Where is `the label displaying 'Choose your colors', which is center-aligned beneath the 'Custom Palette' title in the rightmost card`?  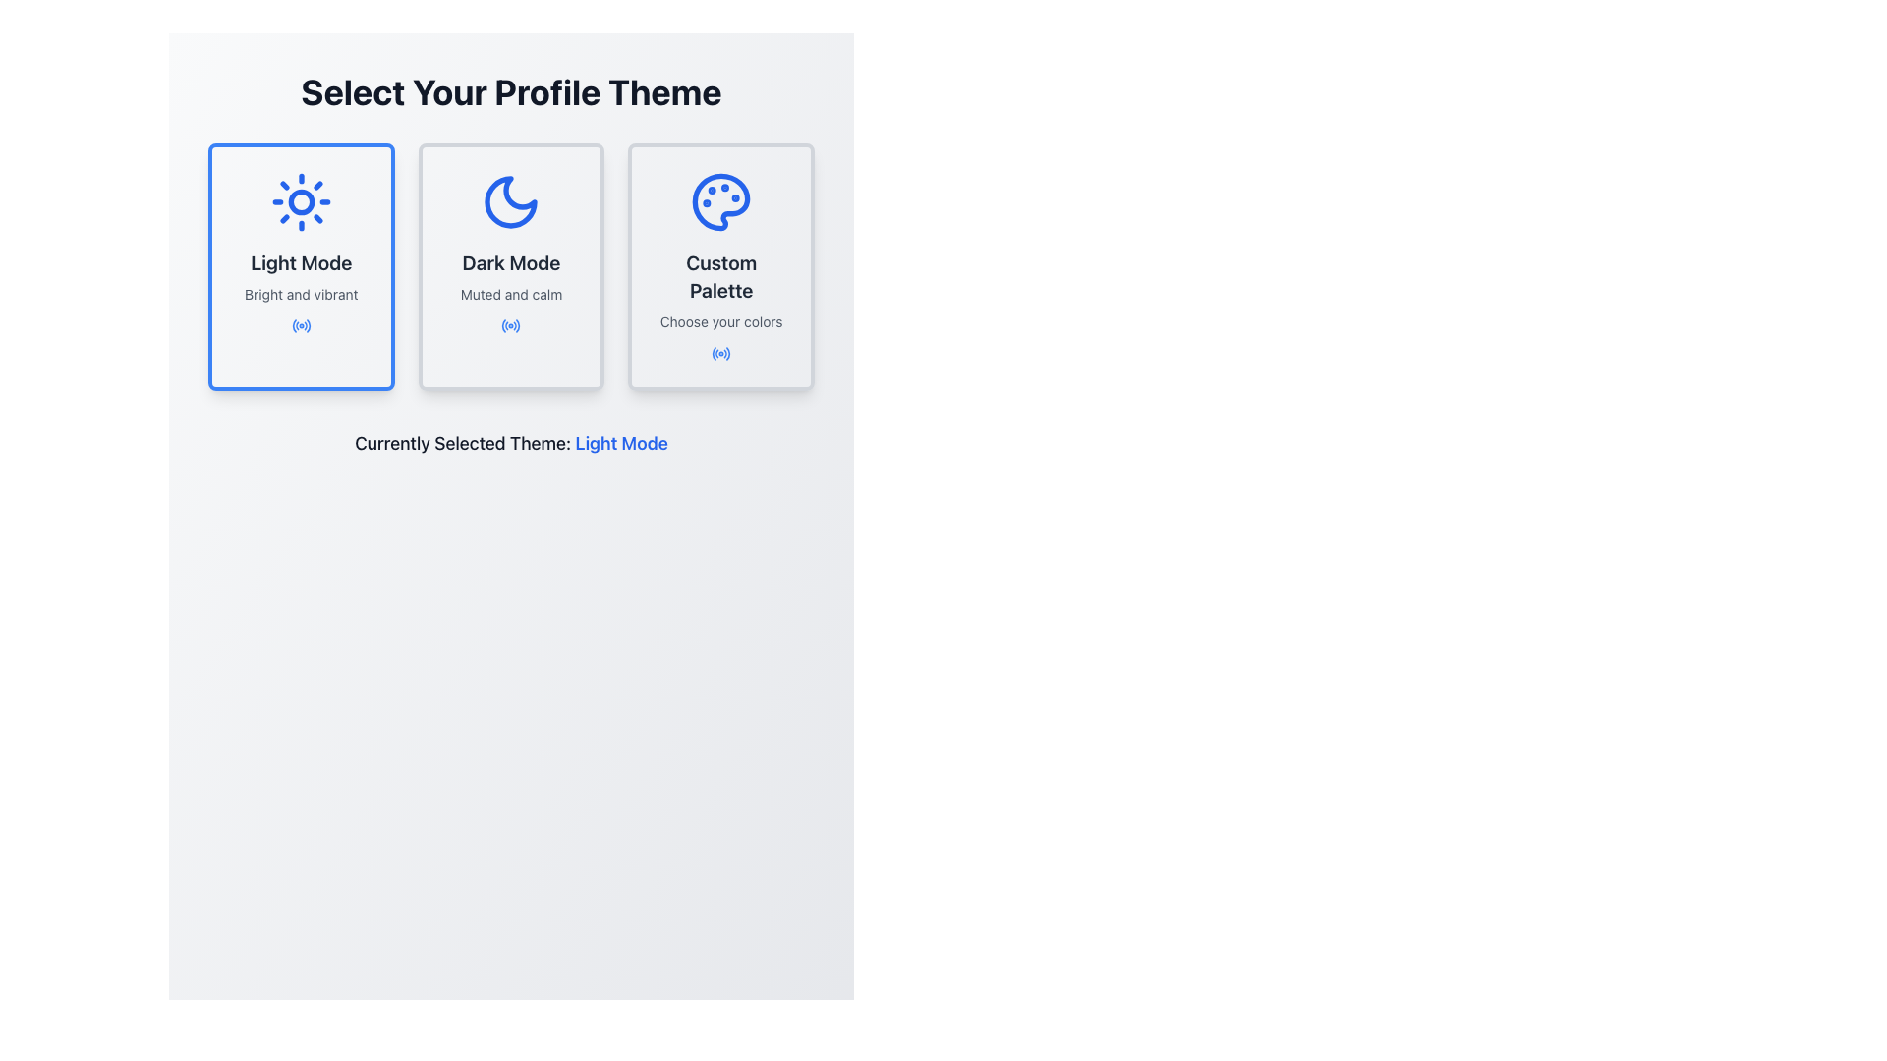
the label displaying 'Choose your colors', which is center-aligned beneath the 'Custom Palette' title in the rightmost card is located at coordinates (720, 320).